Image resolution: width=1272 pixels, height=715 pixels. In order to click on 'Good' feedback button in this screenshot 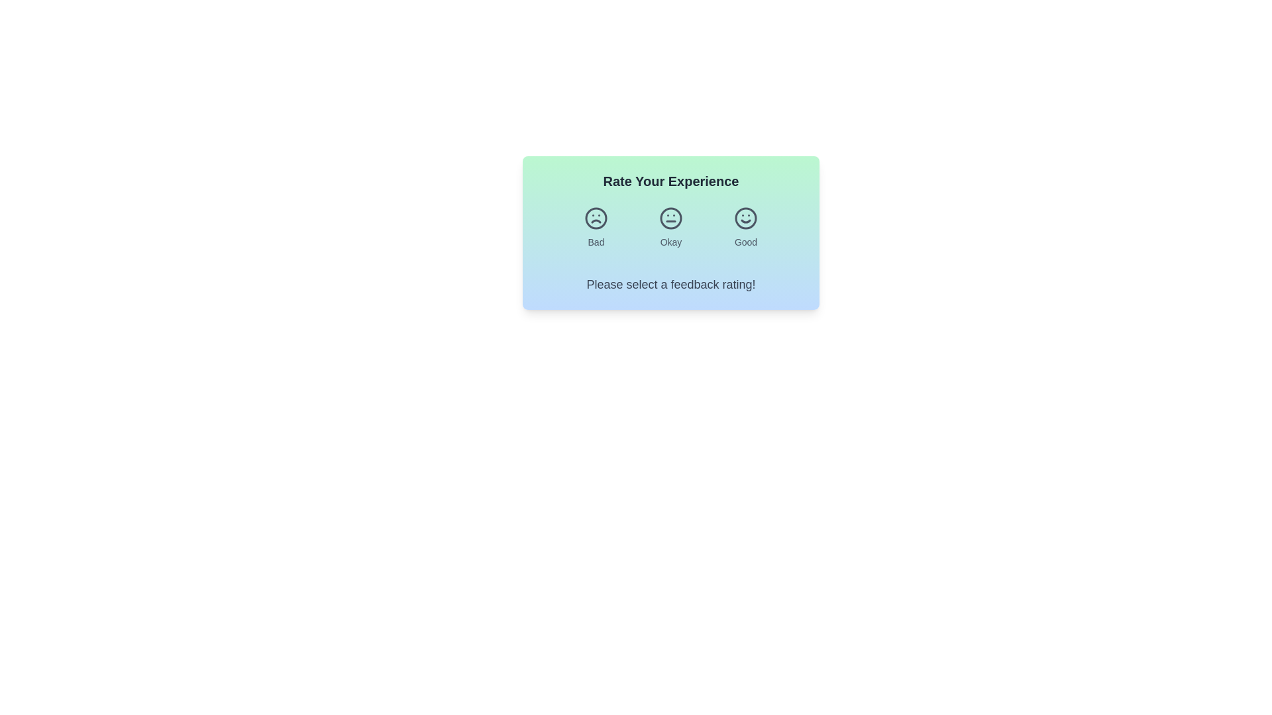, I will do `click(746, 226)`.